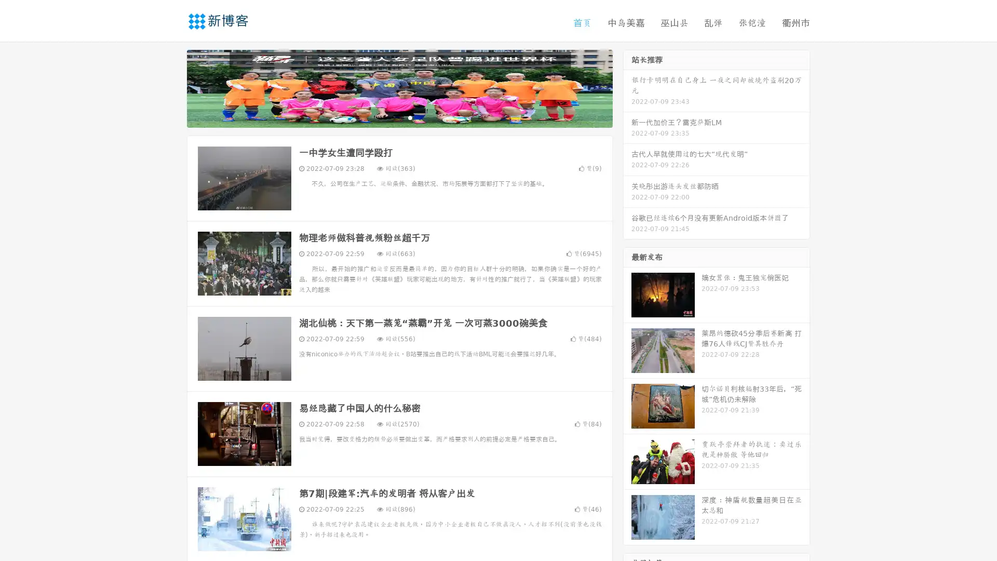 The height and width of the screenshot is (561, 997). I want to click on Go to slide 3, so click(410, 117).